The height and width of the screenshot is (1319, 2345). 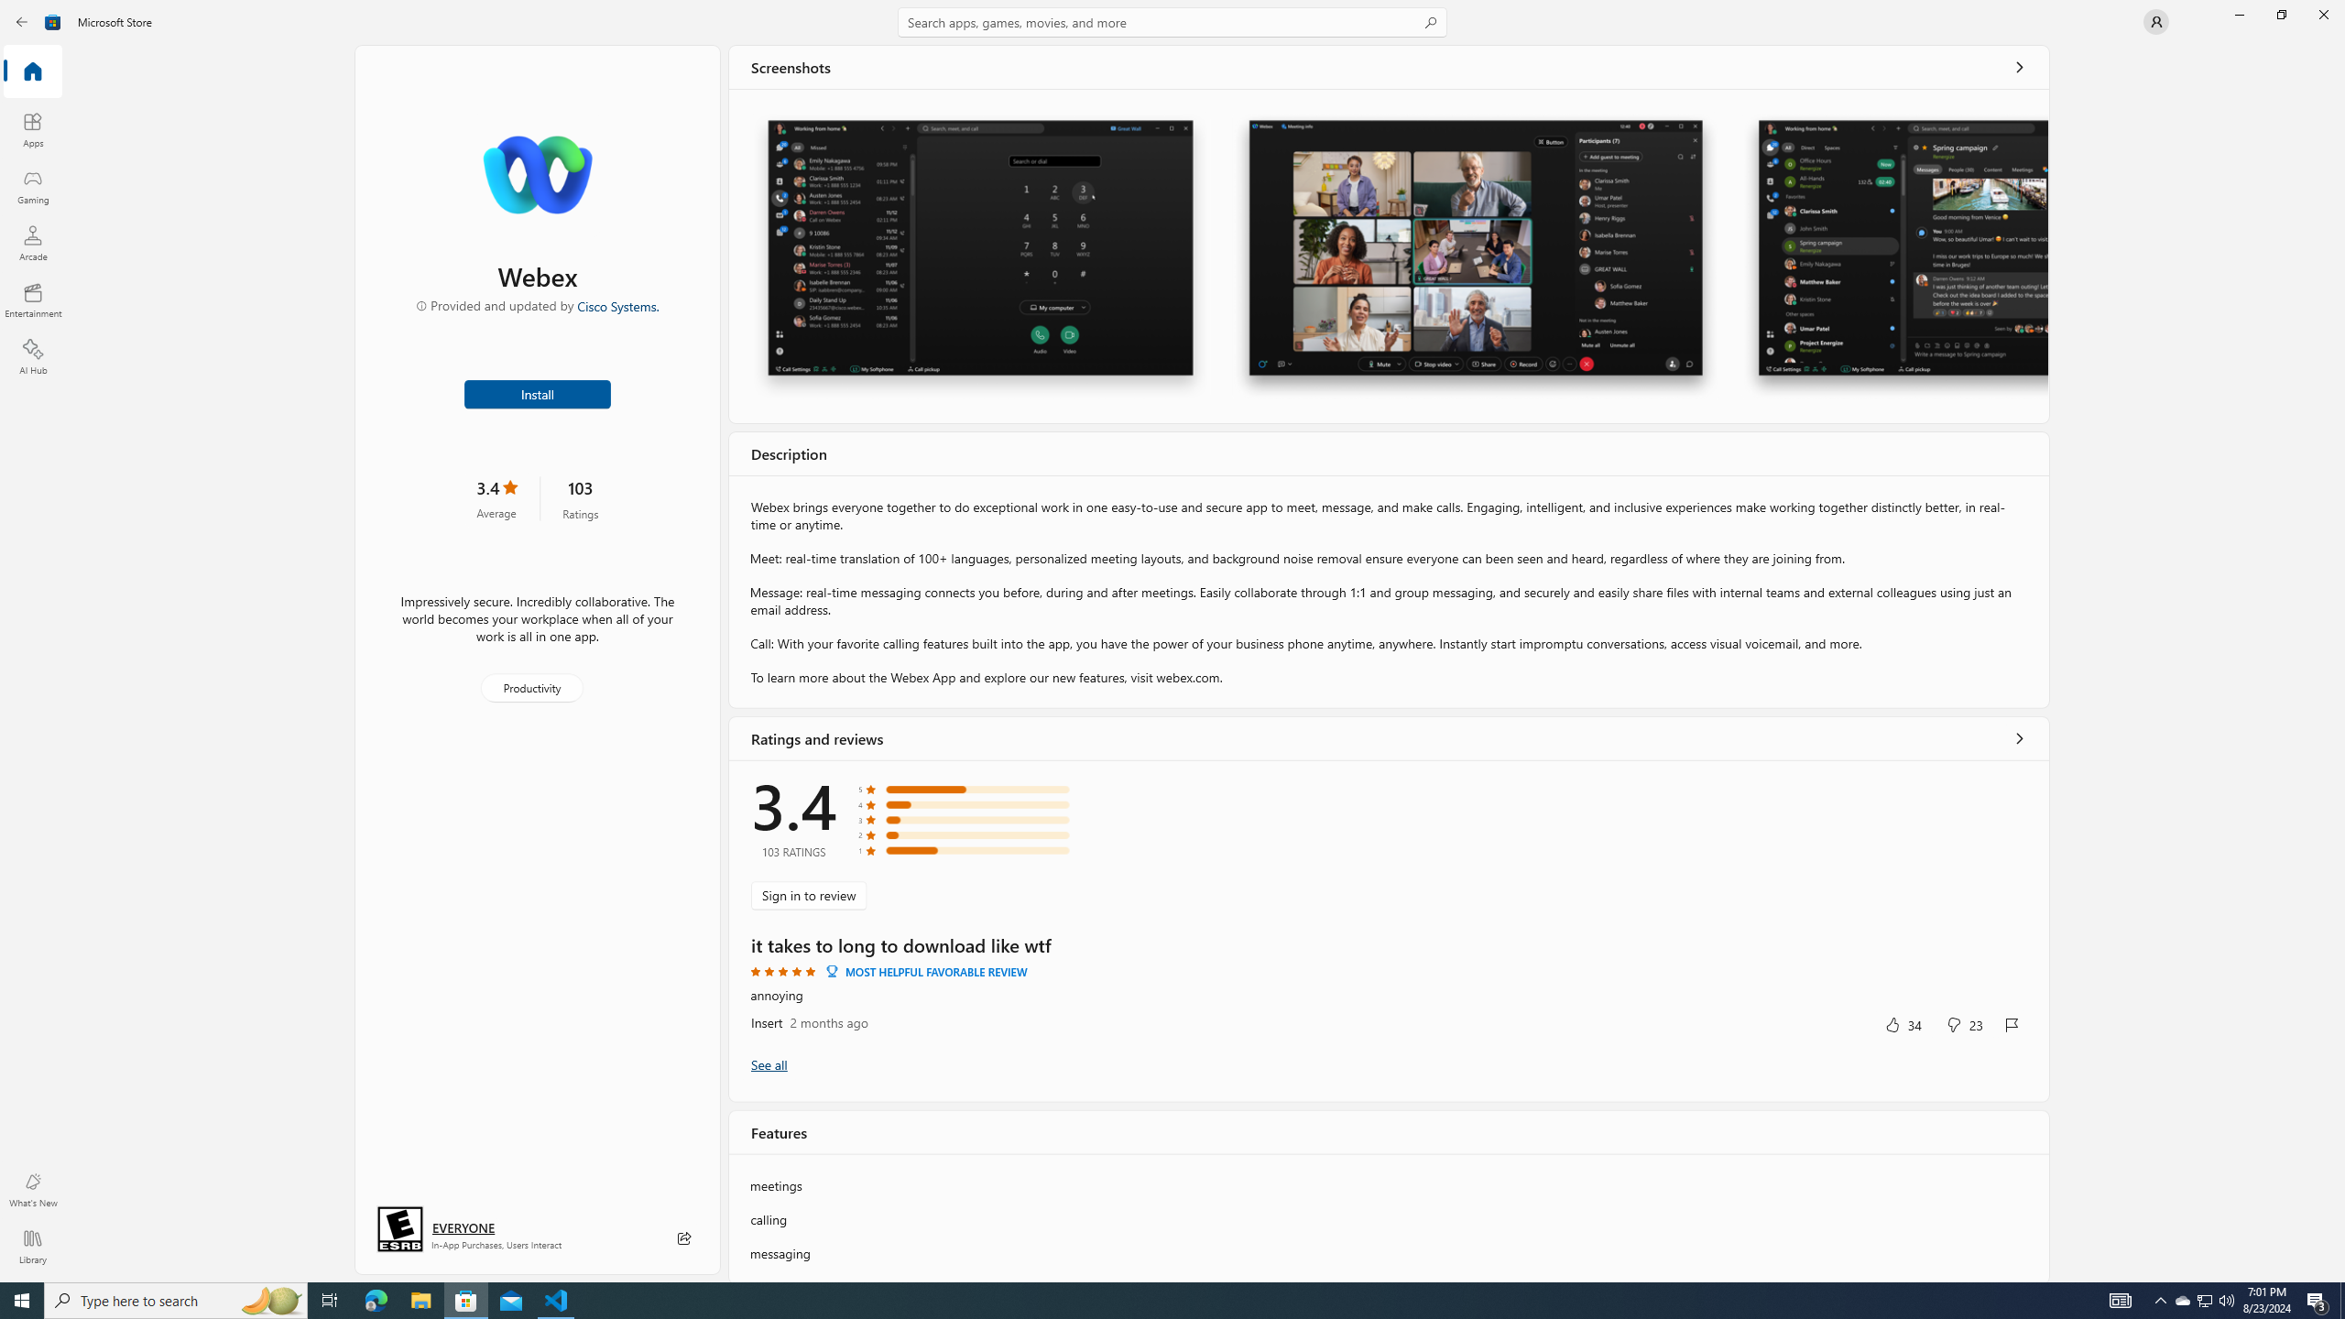 What do you see at coordinates (2154, 20) in the screenshot?
I see `'User profile'` at bounding box center [2154, 20].